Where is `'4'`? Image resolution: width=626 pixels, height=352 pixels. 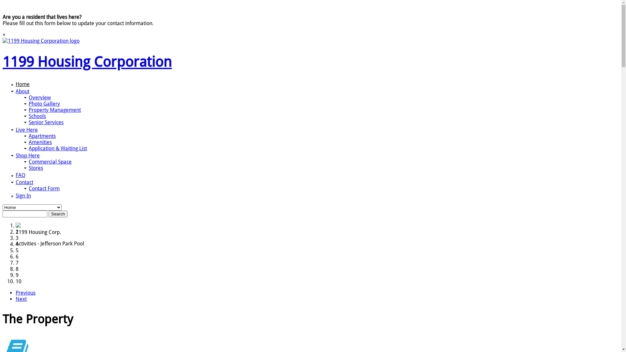 '4' is located at coordinates (17, 244).